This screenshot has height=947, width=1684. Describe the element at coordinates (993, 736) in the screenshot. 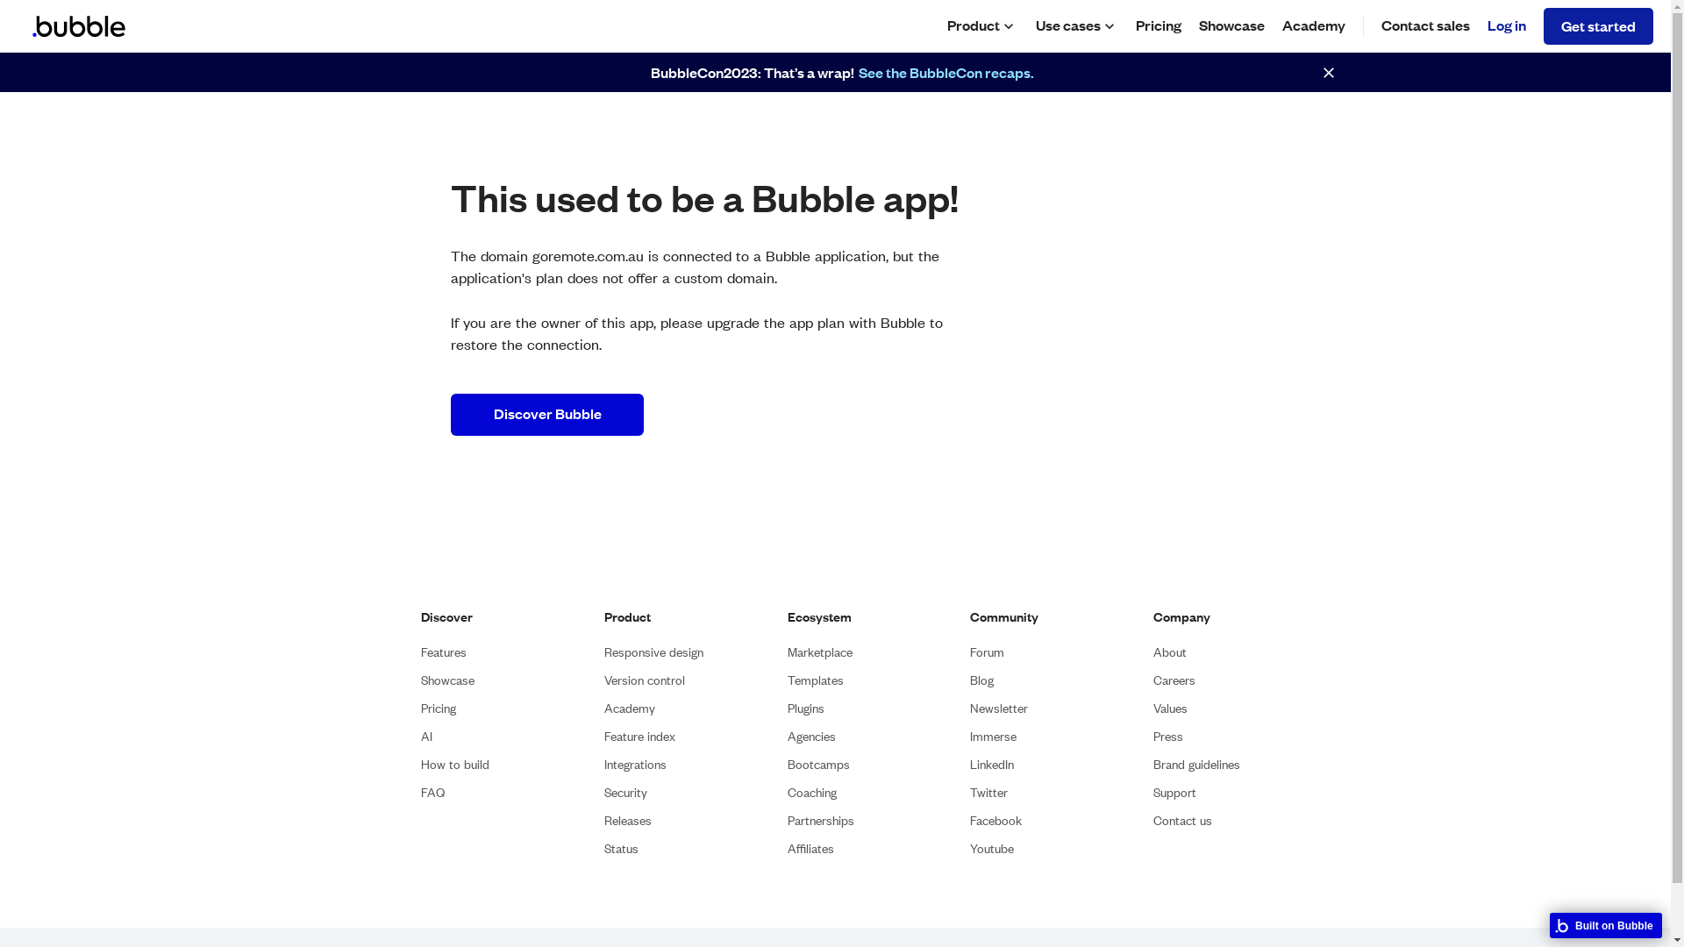

I see `'Immerse'` at that location.